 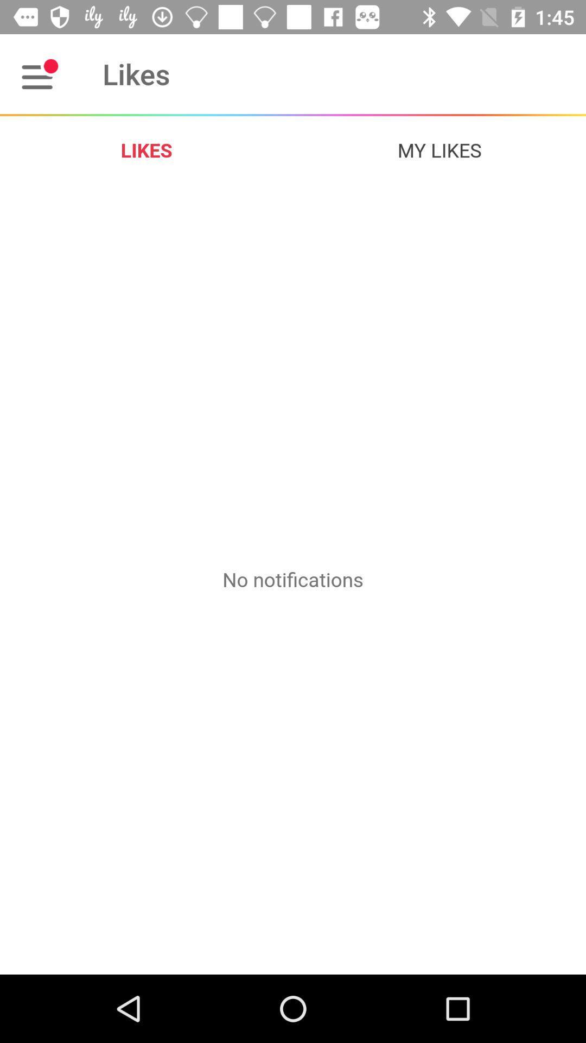 I want to click on icon to the left of likes item, so click(x=39, y=73).